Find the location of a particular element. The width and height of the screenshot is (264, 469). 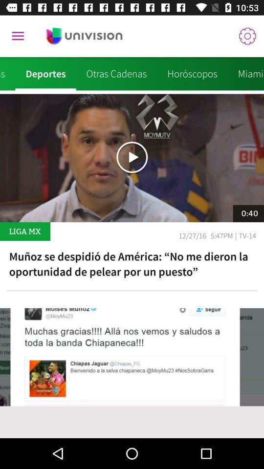

the icon above the miami is located at coordinates (247, 36).